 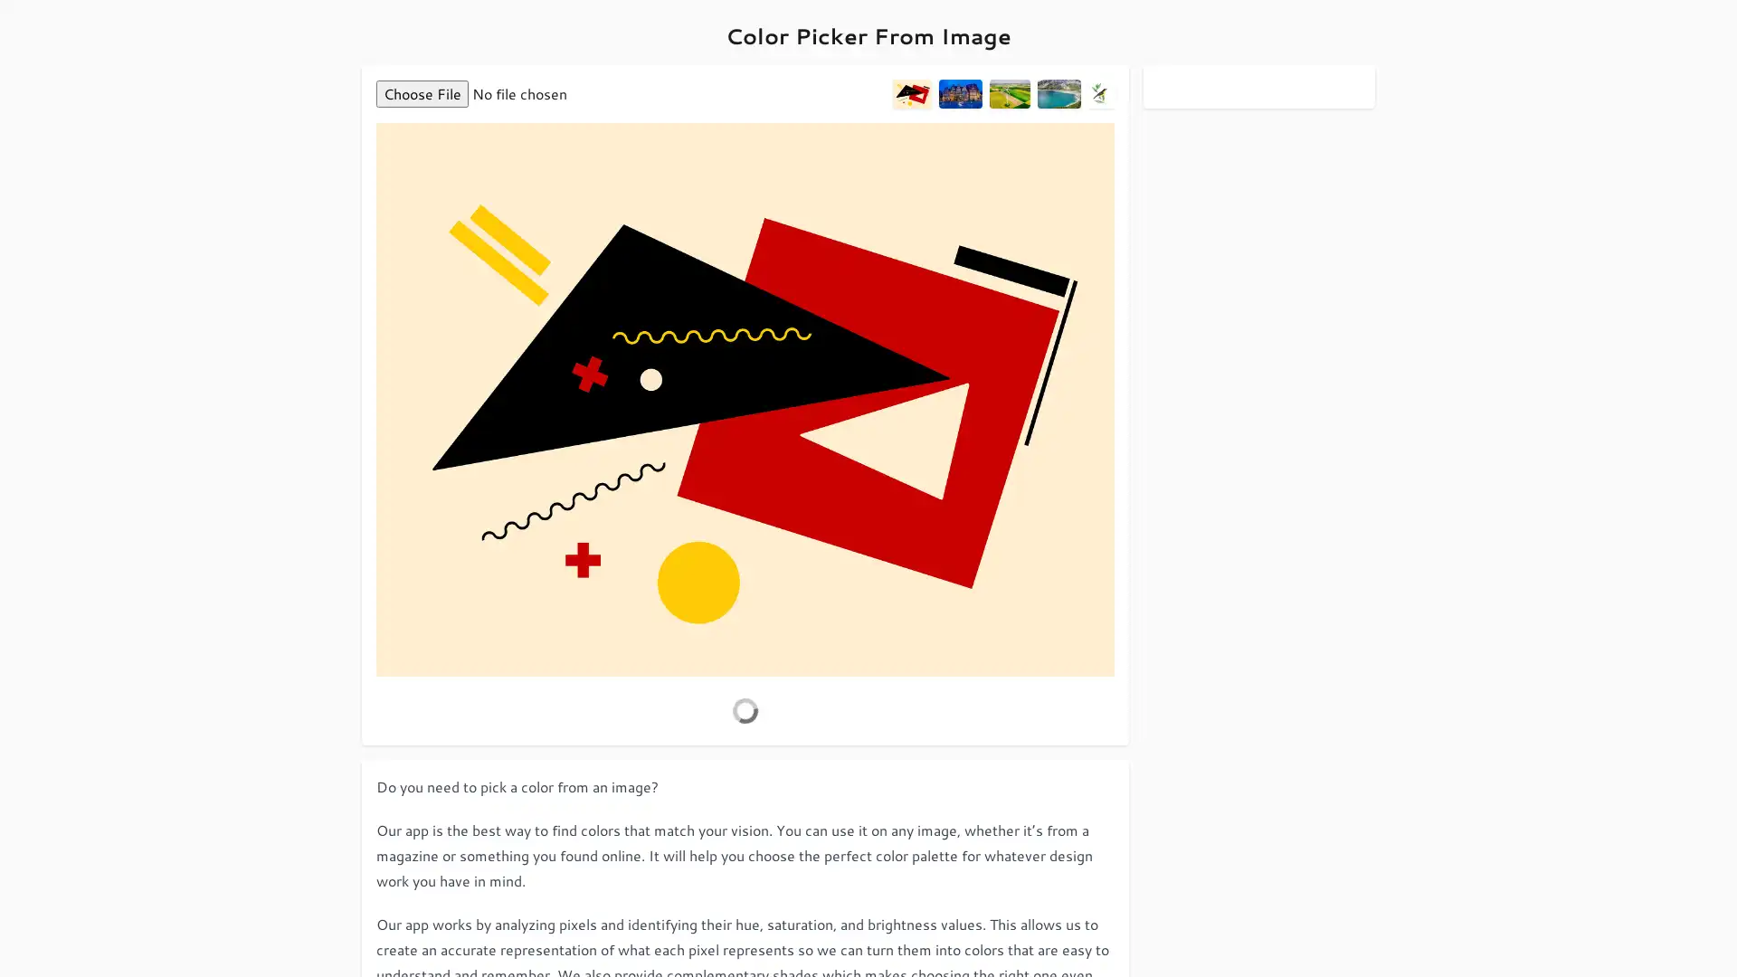 I want to click on example image, so click(x=1058, y=94).